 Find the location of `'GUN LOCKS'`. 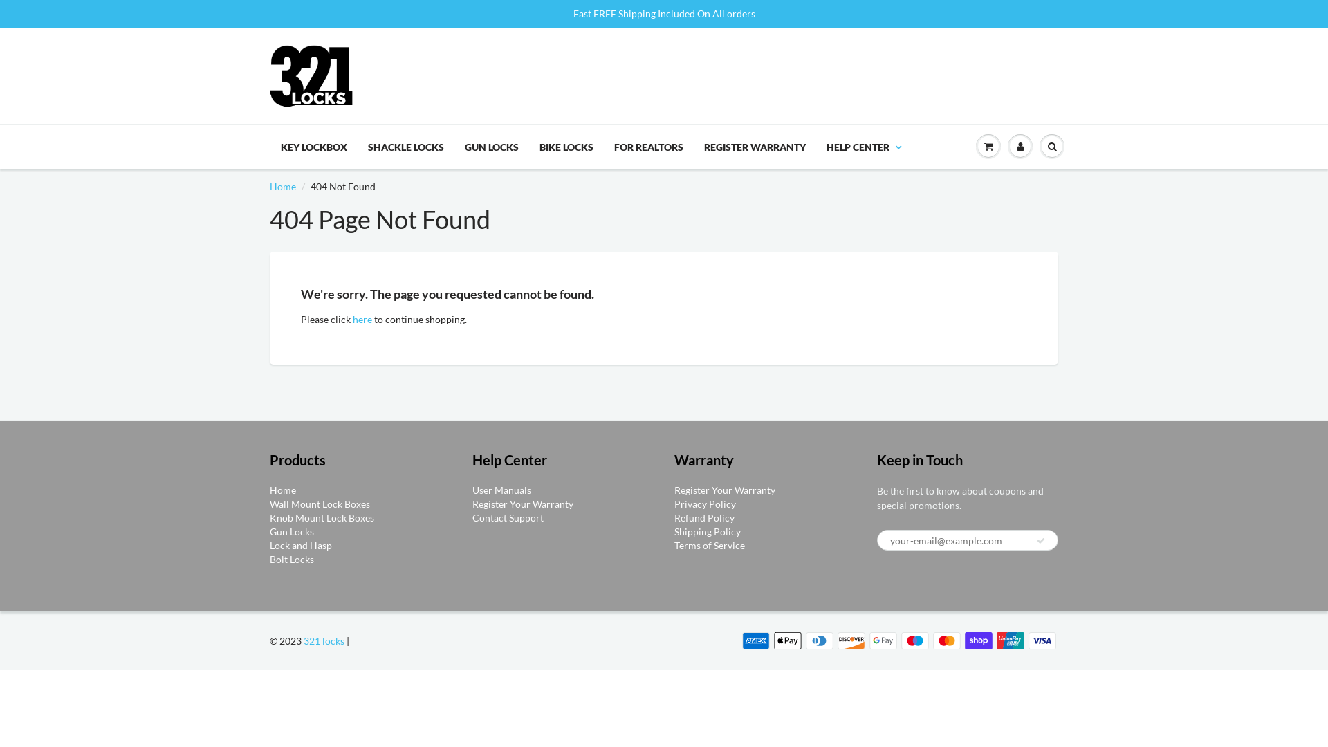

'GUN LOCKS' is located at coordinates (491, 147).